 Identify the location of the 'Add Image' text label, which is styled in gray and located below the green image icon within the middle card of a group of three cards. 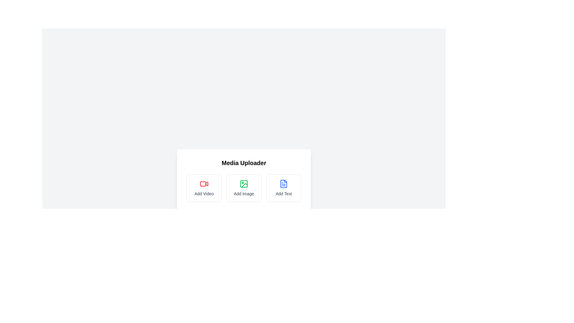
(244, 194).